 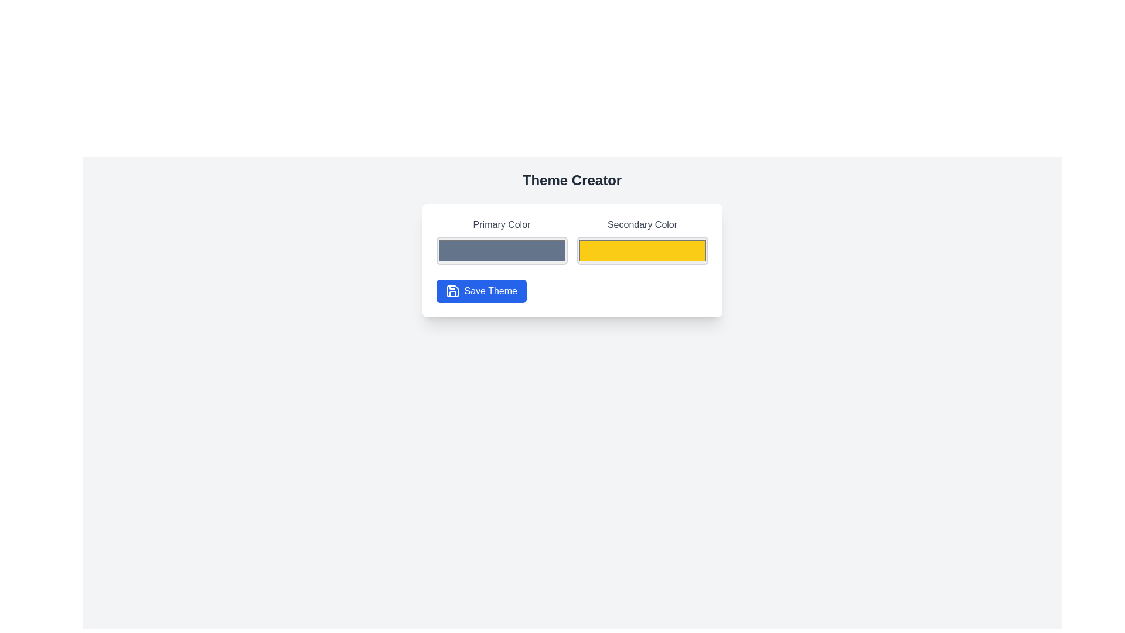 I want to click on the 'Save Theme' button, which contains a floppy disk icon, to trigger a save action, so click(x=452, y=291).